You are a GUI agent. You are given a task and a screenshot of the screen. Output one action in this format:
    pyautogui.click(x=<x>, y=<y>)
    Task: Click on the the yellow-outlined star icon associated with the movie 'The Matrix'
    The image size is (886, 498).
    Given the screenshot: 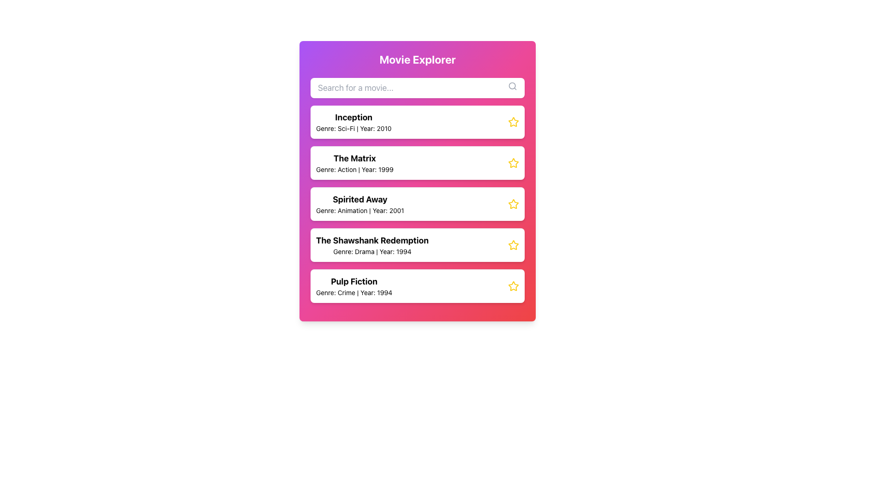 What is the action you would take?
    pyautogui.click(x=518, y=162)
    